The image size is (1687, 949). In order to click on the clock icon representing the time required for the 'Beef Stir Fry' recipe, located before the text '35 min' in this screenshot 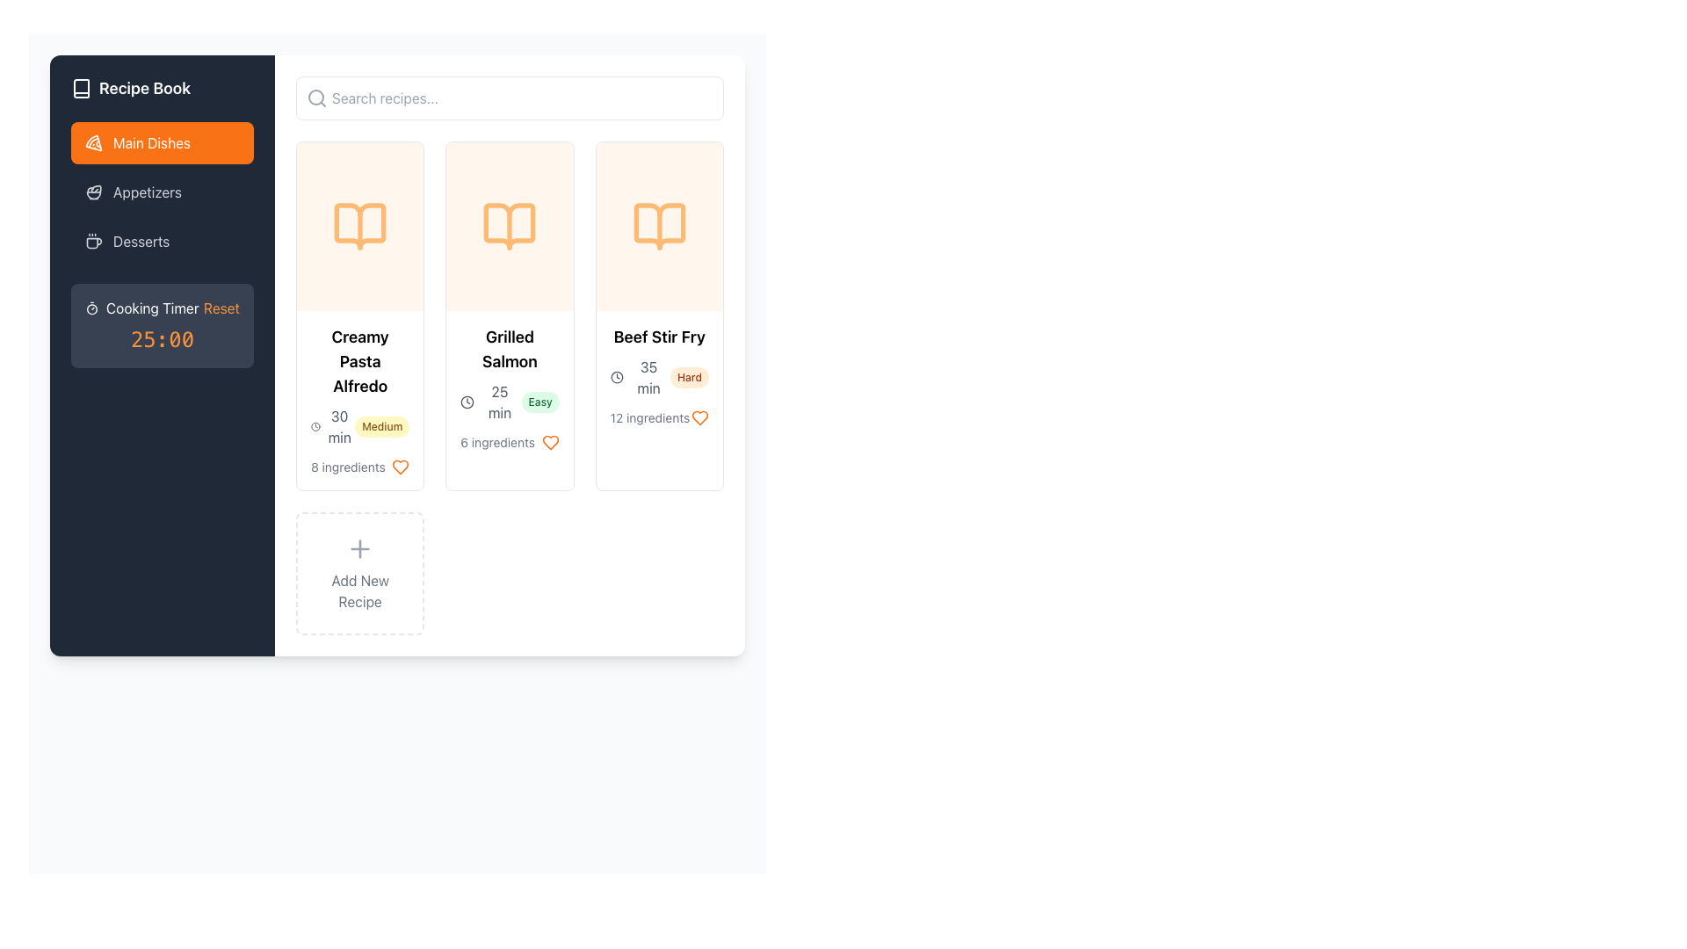, I will do `click(617, 376)`.